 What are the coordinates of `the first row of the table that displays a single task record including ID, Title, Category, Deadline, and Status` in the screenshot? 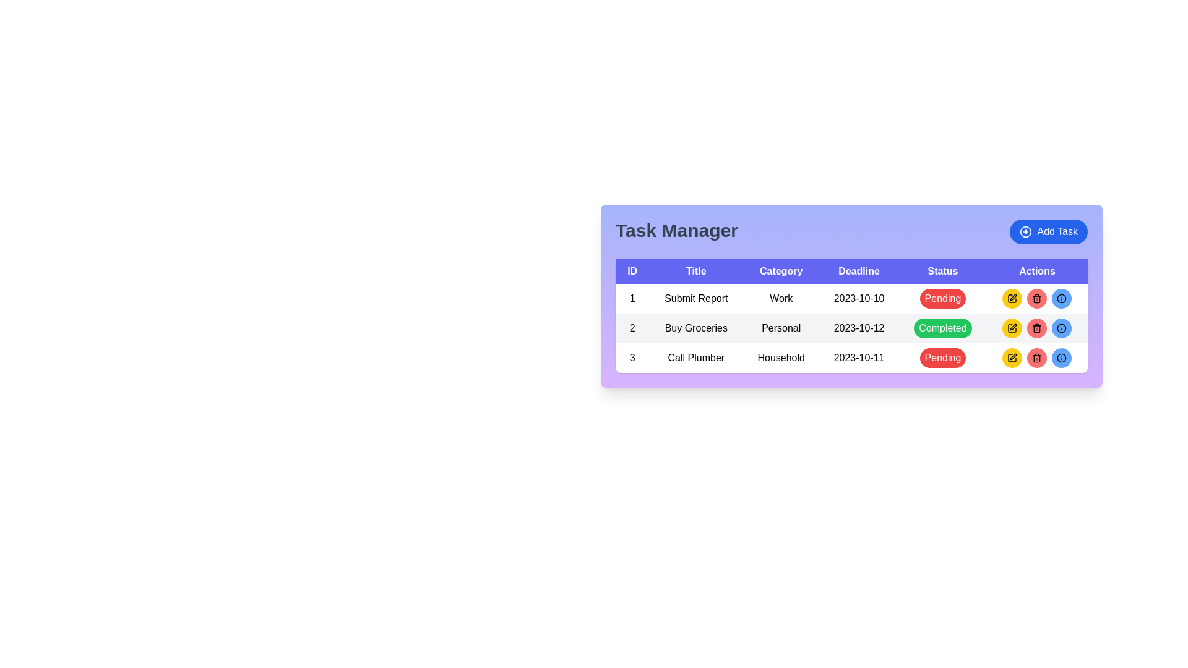 It's located at (851, 298).